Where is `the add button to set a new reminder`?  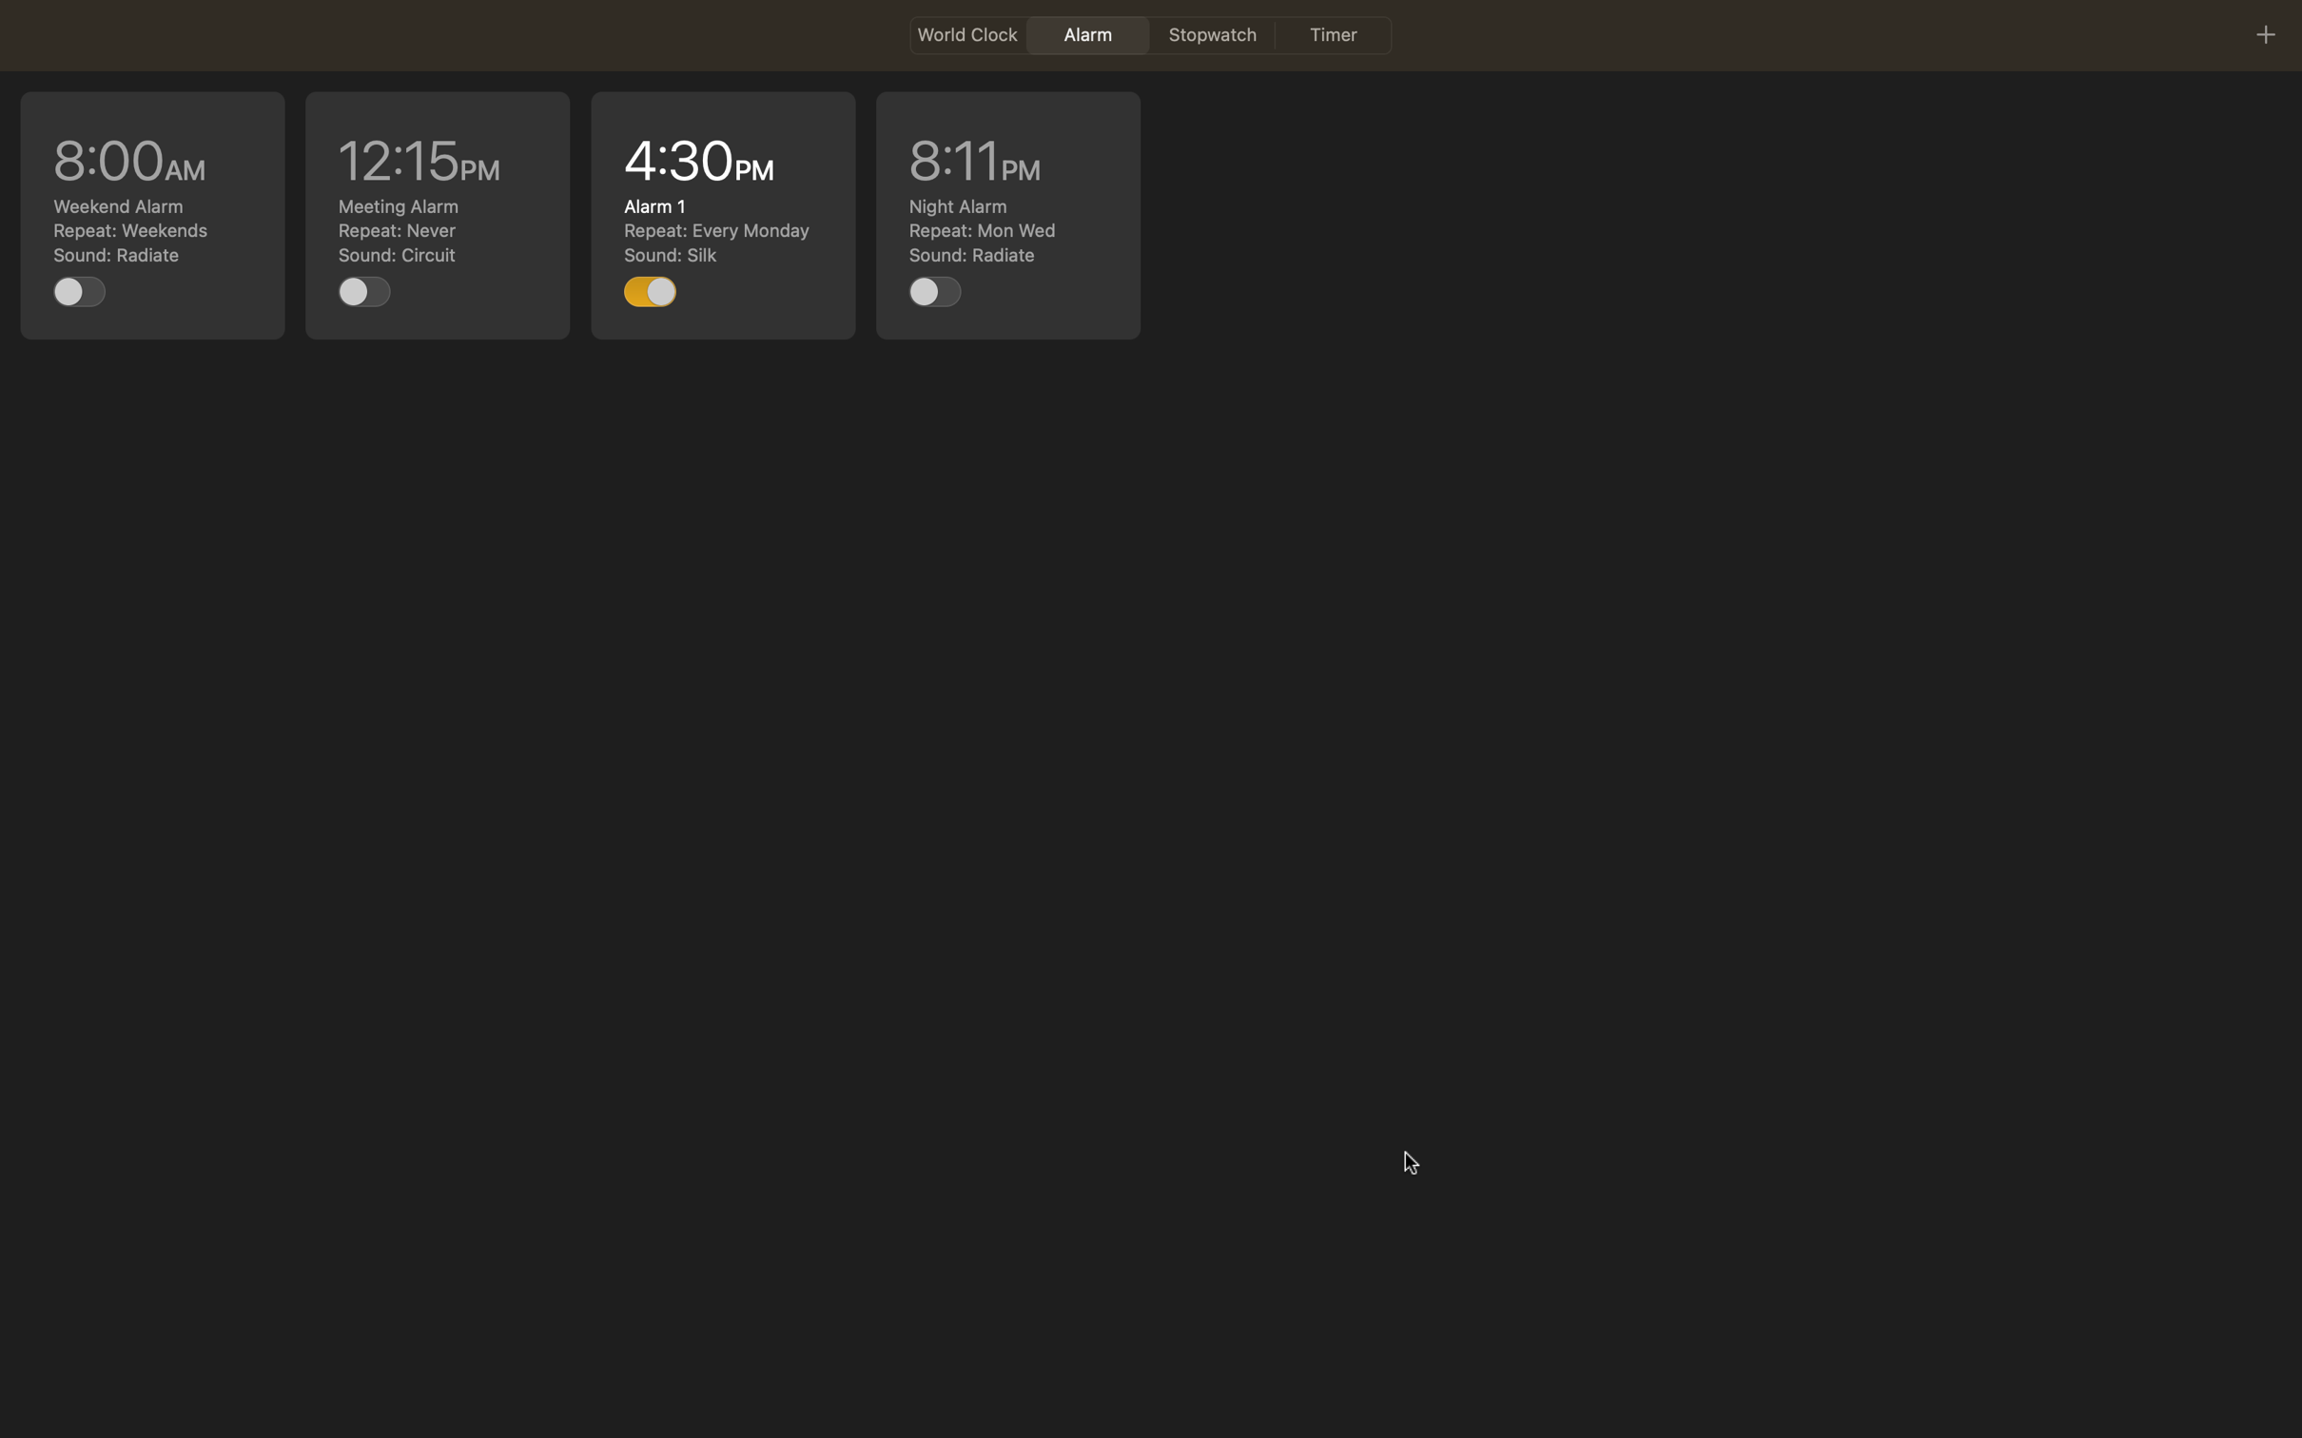
the add button to set a new reminder is located at coordinates (2264, 33).